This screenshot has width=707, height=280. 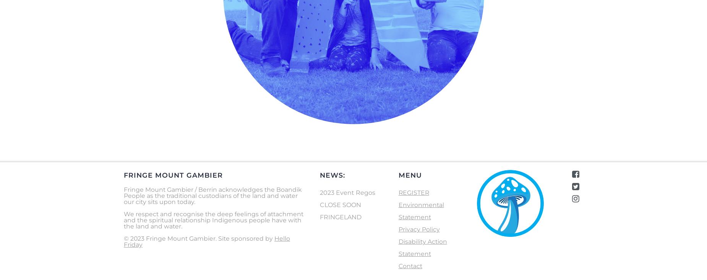 I want to click on 'We respect and recognise the deep feelings of attachment and the spiritual relationship Indigenous people have with the land and water.', so click(x=214, y=220).